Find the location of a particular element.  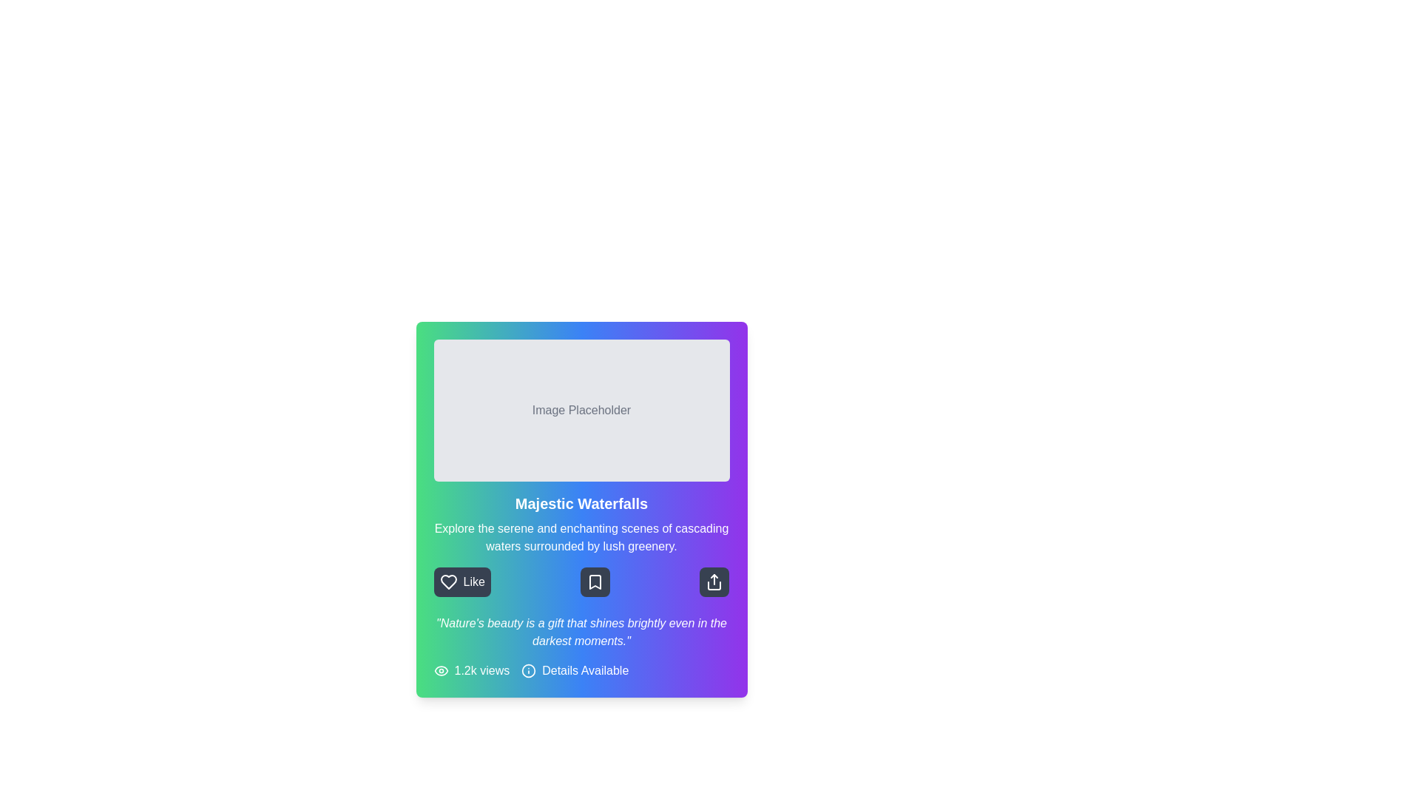

rectangular icon located within the share button in the bottom-right section of the card is located at coordinates (714, 584).